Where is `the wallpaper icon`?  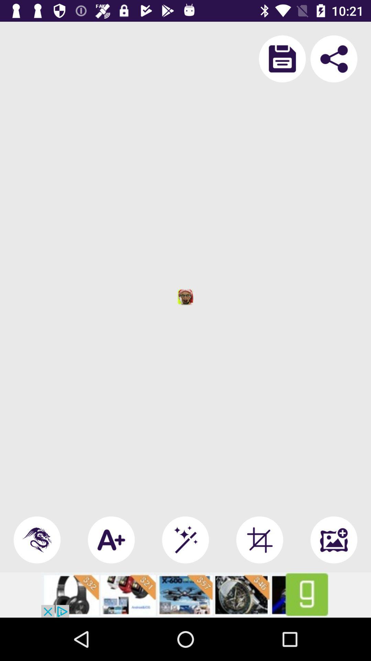
the wallpaper icon is located at coordinates (334, 539).